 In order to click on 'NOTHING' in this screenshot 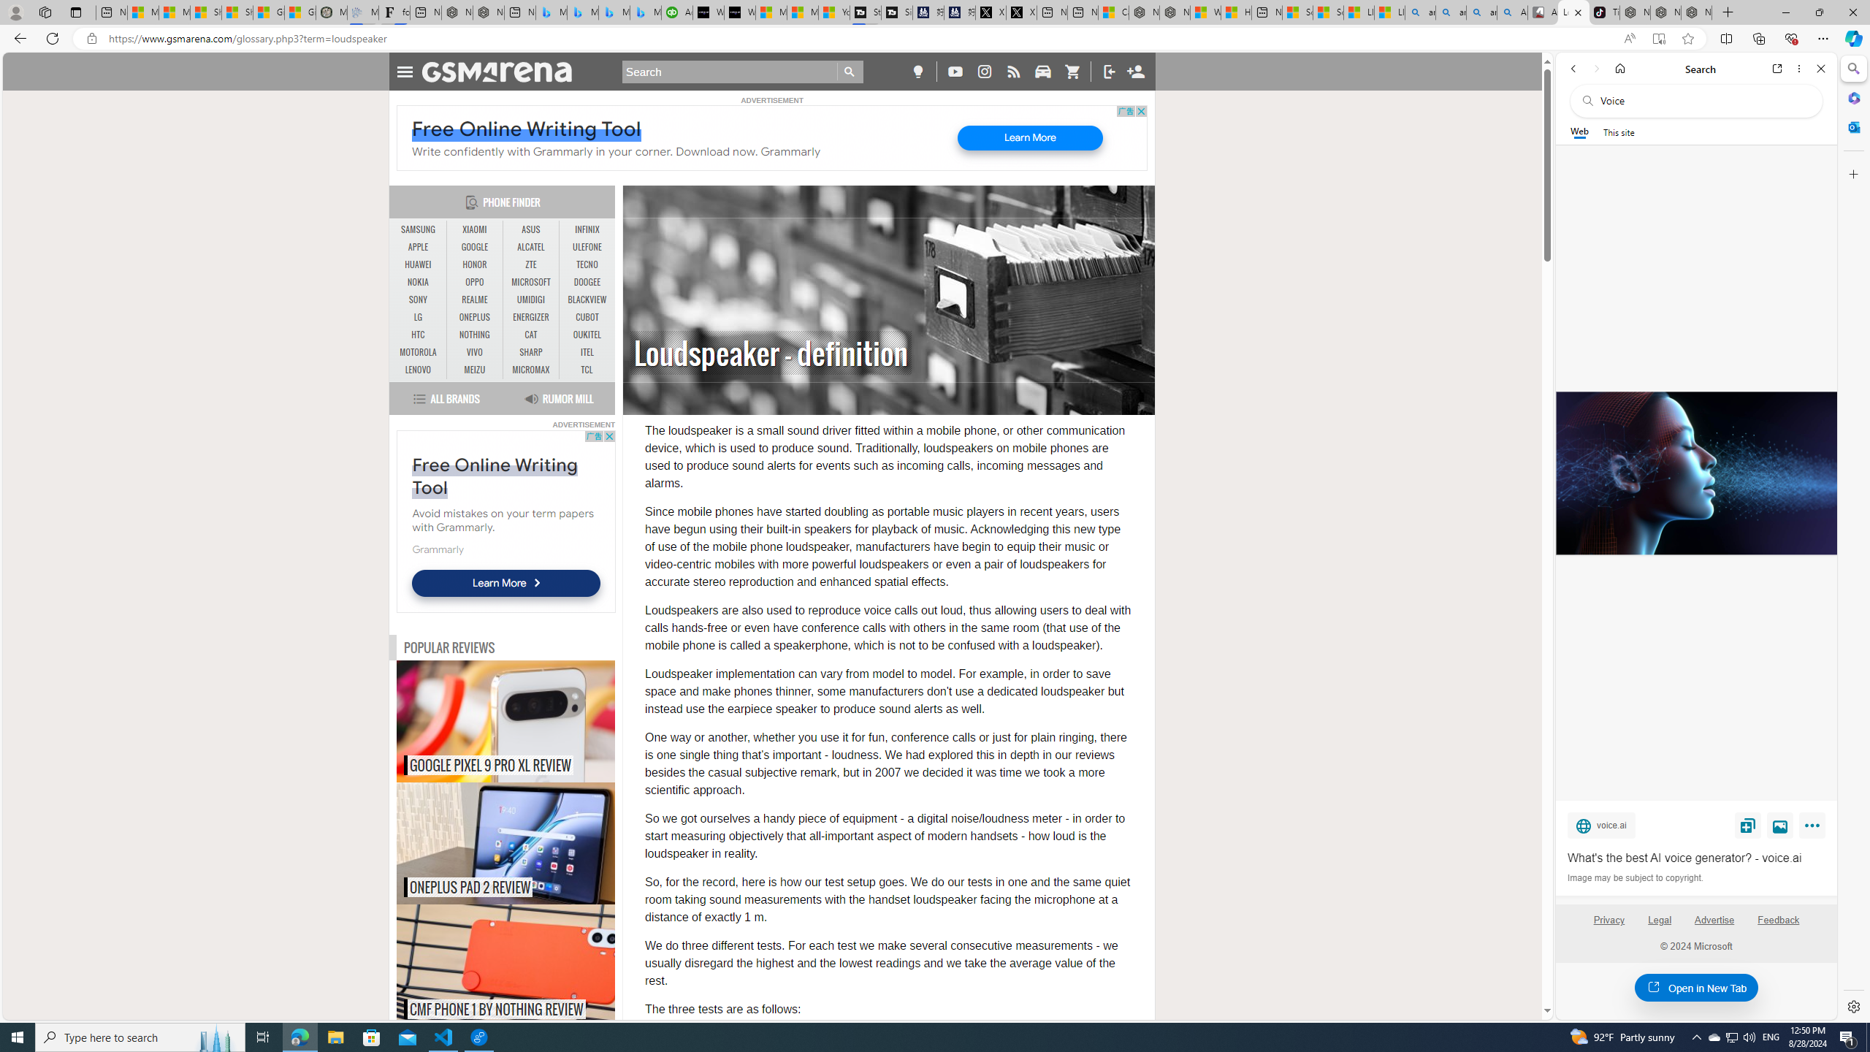, I will do `click(474, 335)`.